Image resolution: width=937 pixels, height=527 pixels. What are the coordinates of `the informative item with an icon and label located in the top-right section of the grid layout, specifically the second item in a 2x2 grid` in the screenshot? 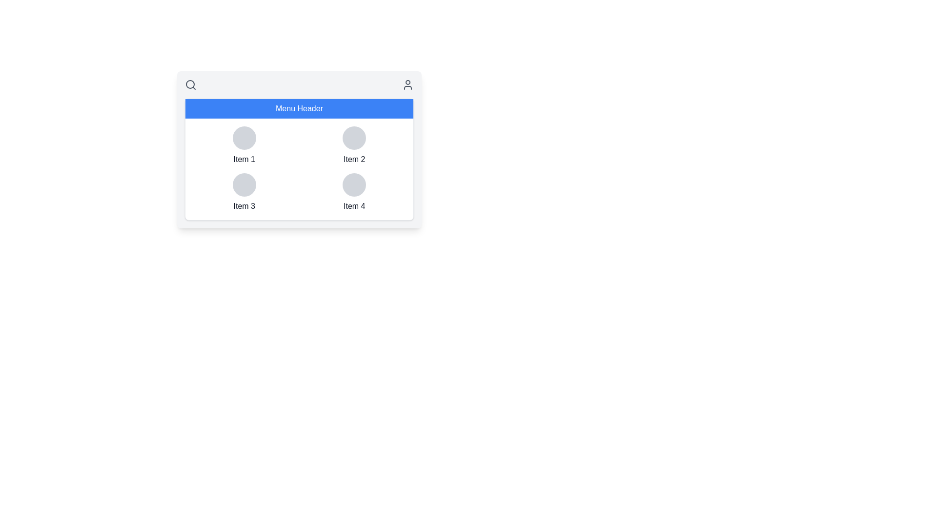 It's located at (354, 146).